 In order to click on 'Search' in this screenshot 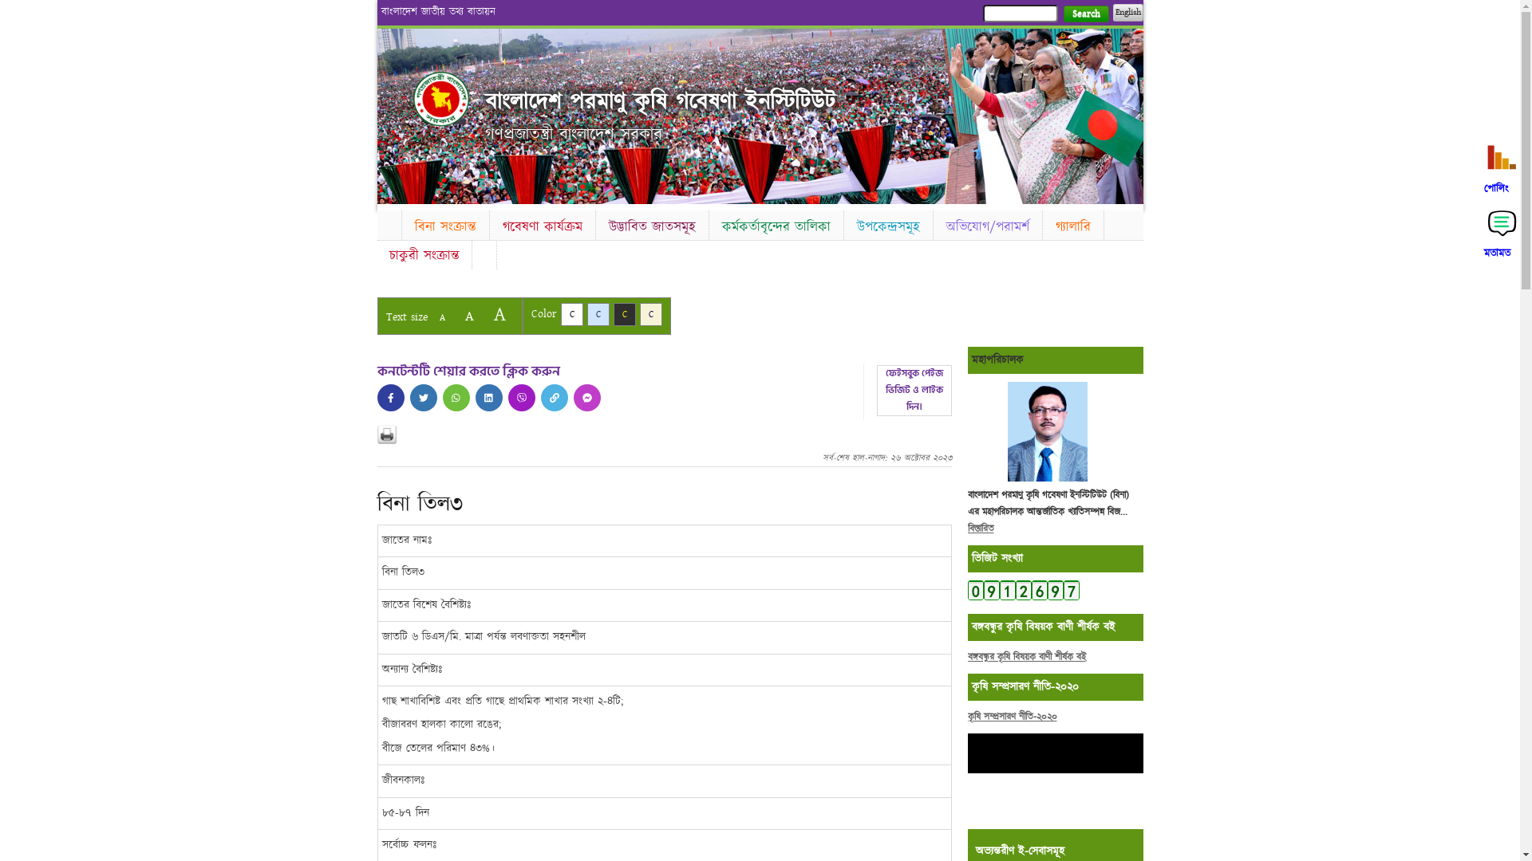, I will do `click(1062, 14)`.